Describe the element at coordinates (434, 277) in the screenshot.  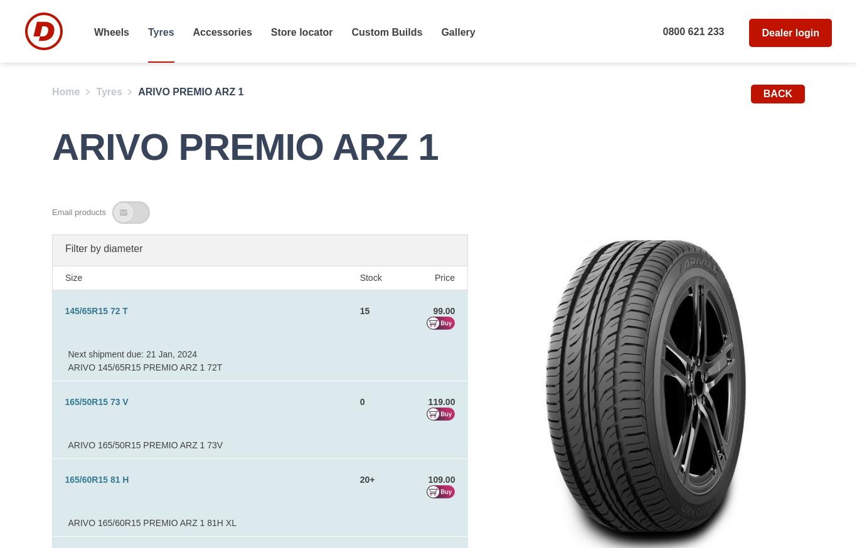
I see `'Price'` at that location.